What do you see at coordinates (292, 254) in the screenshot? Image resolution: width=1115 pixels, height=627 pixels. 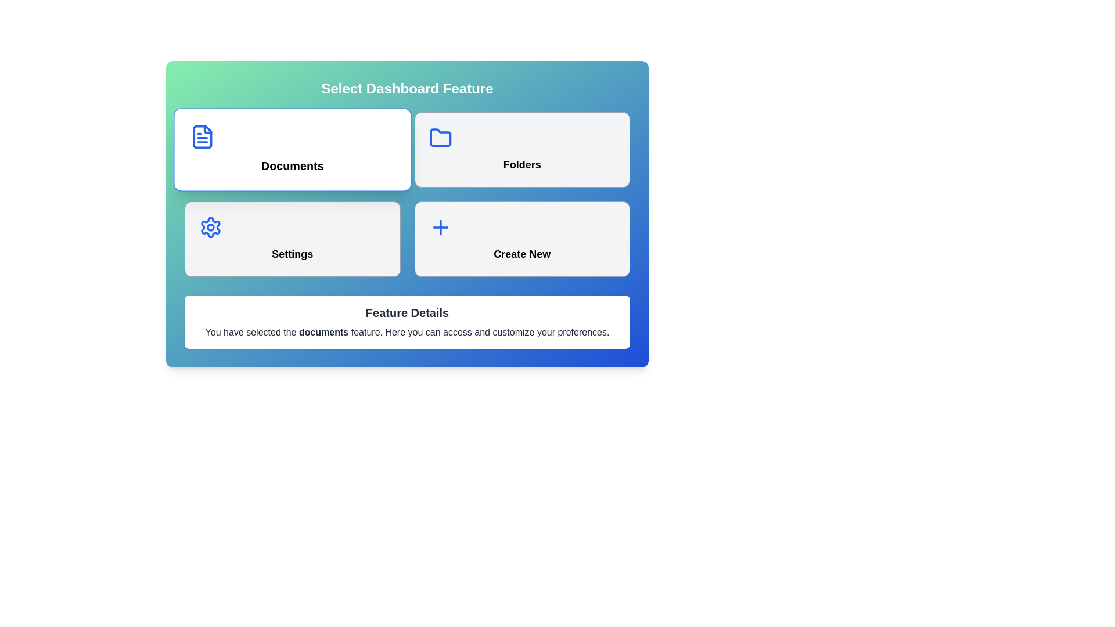 I see `text on the 'Settings' label located beneath the blue gear icon in the second row, first column of the dashboard grid layout` at bounding box center [292, 254].